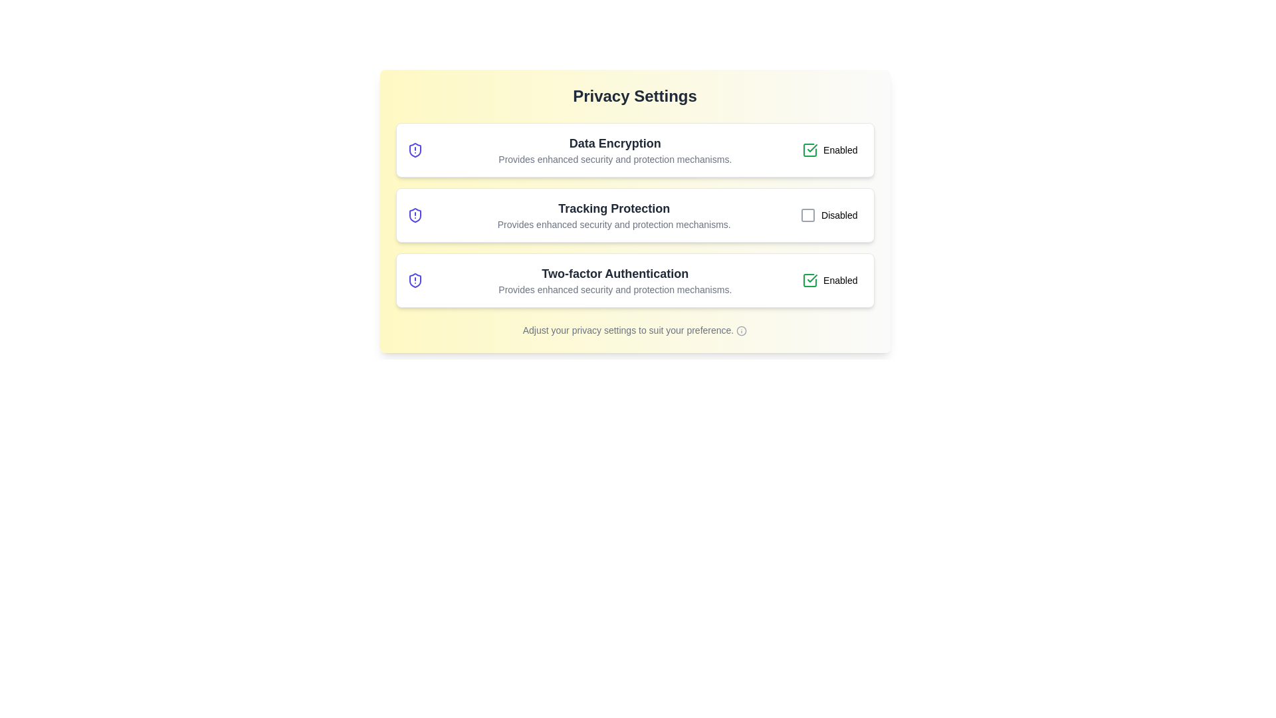 This screenshot has width=1276, height=718. What do you see at coordinates (634, 150) in the screenshot?
I see `the first list item in the 'Privacy Settings' section, which features a dark blue shield icon on the left, bold 'Data Encryption' text in the center, and a green 'Enabled' checkbox on the right` at bounding box center [634, 150].